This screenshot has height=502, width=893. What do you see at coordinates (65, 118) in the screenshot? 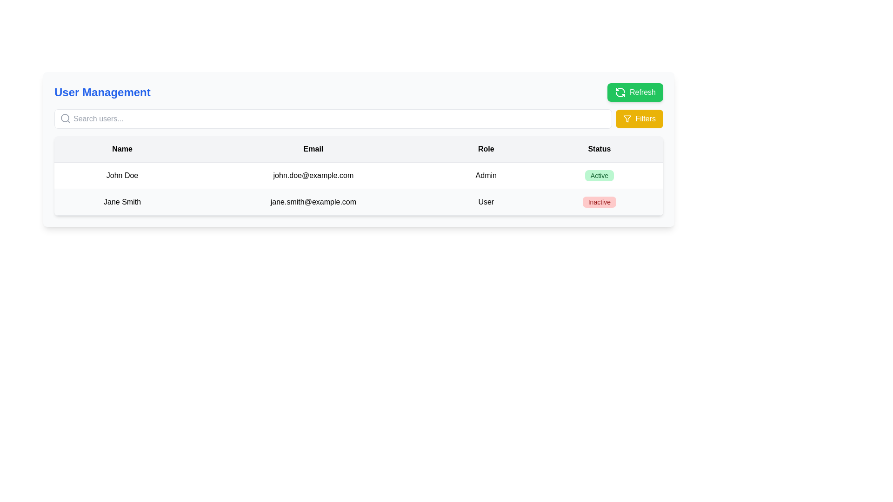
I see `the magnifying glass icon which is a small outline design located on the left side of the search input field, preceding the placeholder text 'Search users...'` at bounding box center [65, 118].